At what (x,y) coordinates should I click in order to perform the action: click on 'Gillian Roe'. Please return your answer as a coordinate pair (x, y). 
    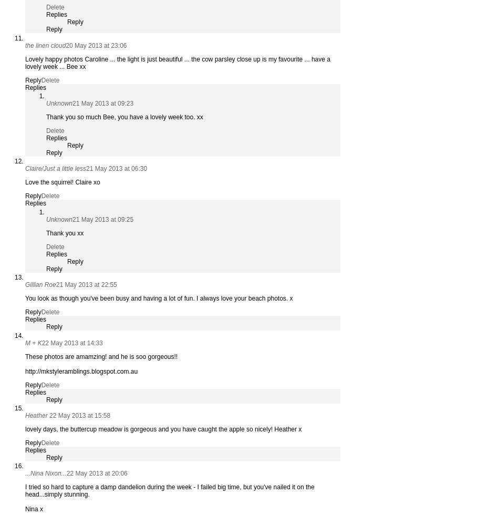
    Looking at the image, I should click on (40, 285).